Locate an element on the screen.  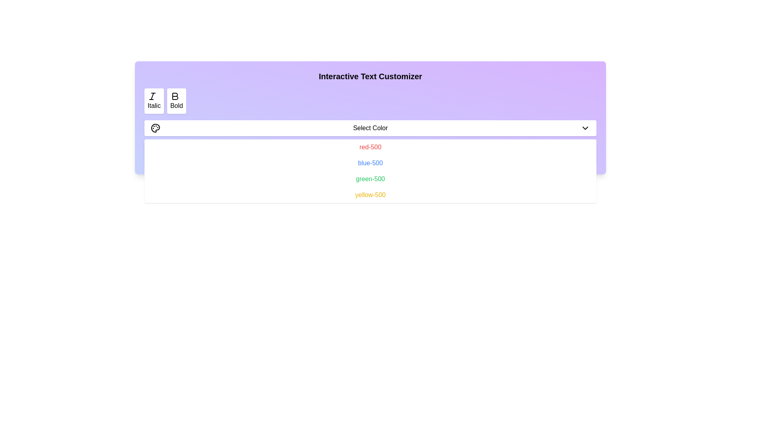
keyboard navigation is located at coordinates (370, 127).